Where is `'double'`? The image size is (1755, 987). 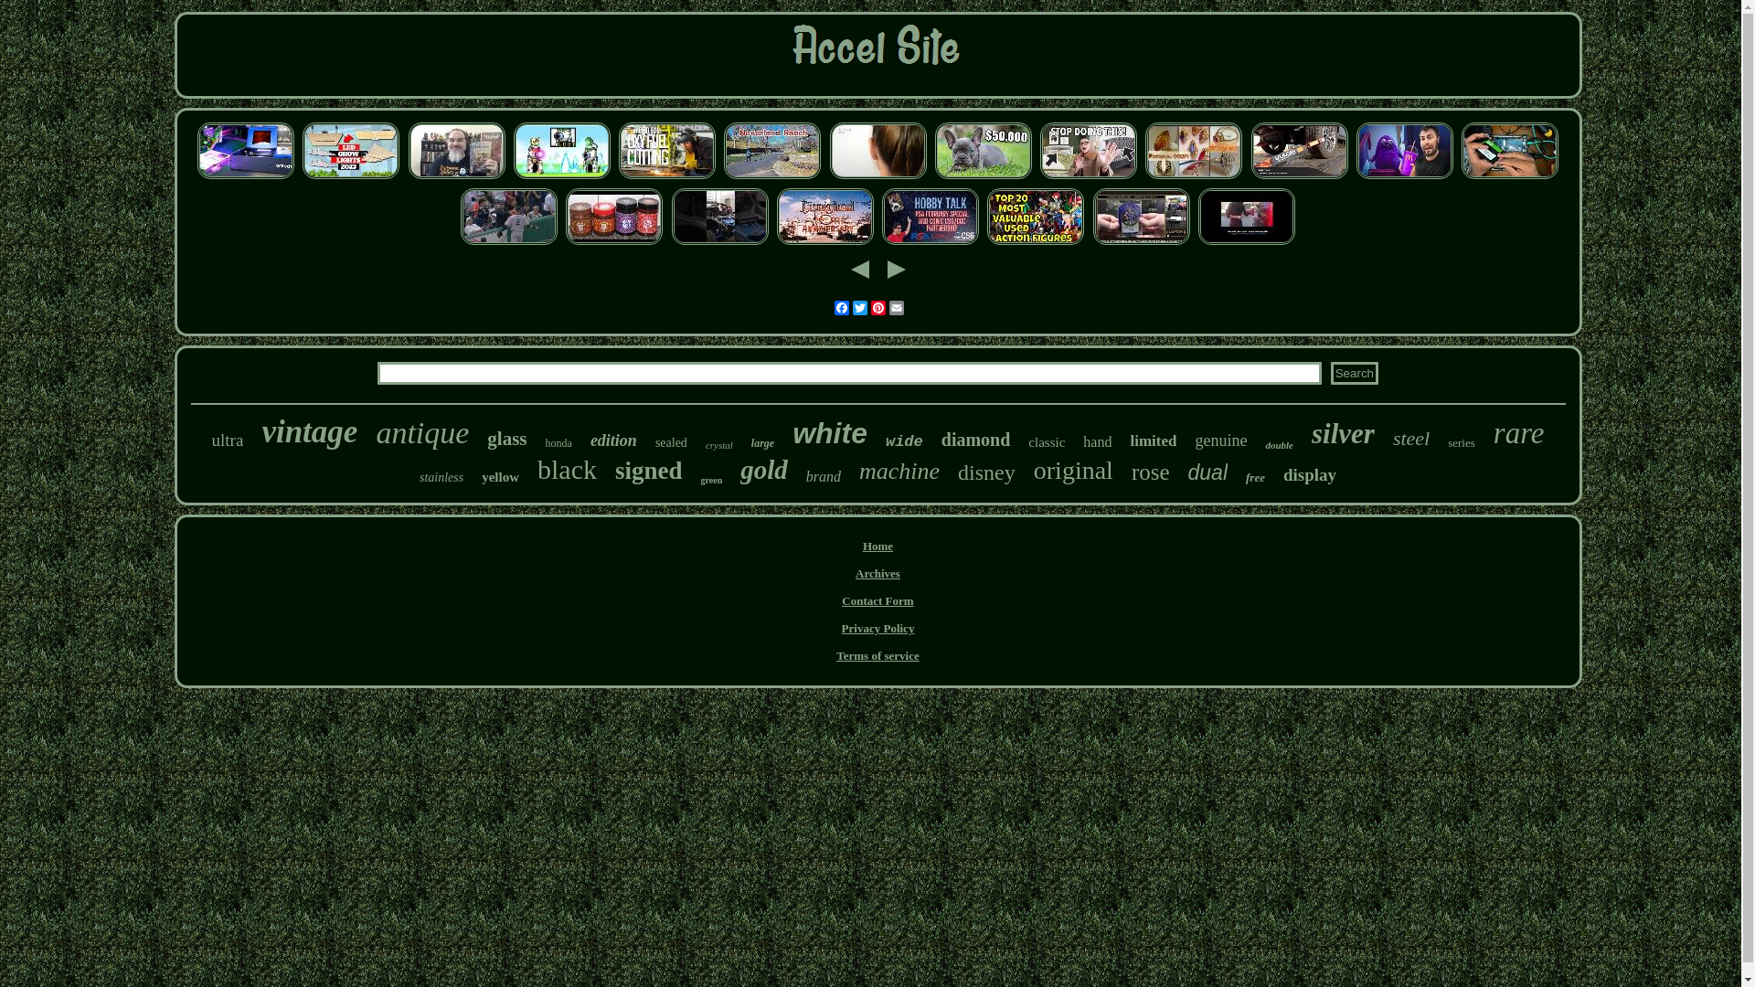 'double' is located at coordinates (1278, 444).